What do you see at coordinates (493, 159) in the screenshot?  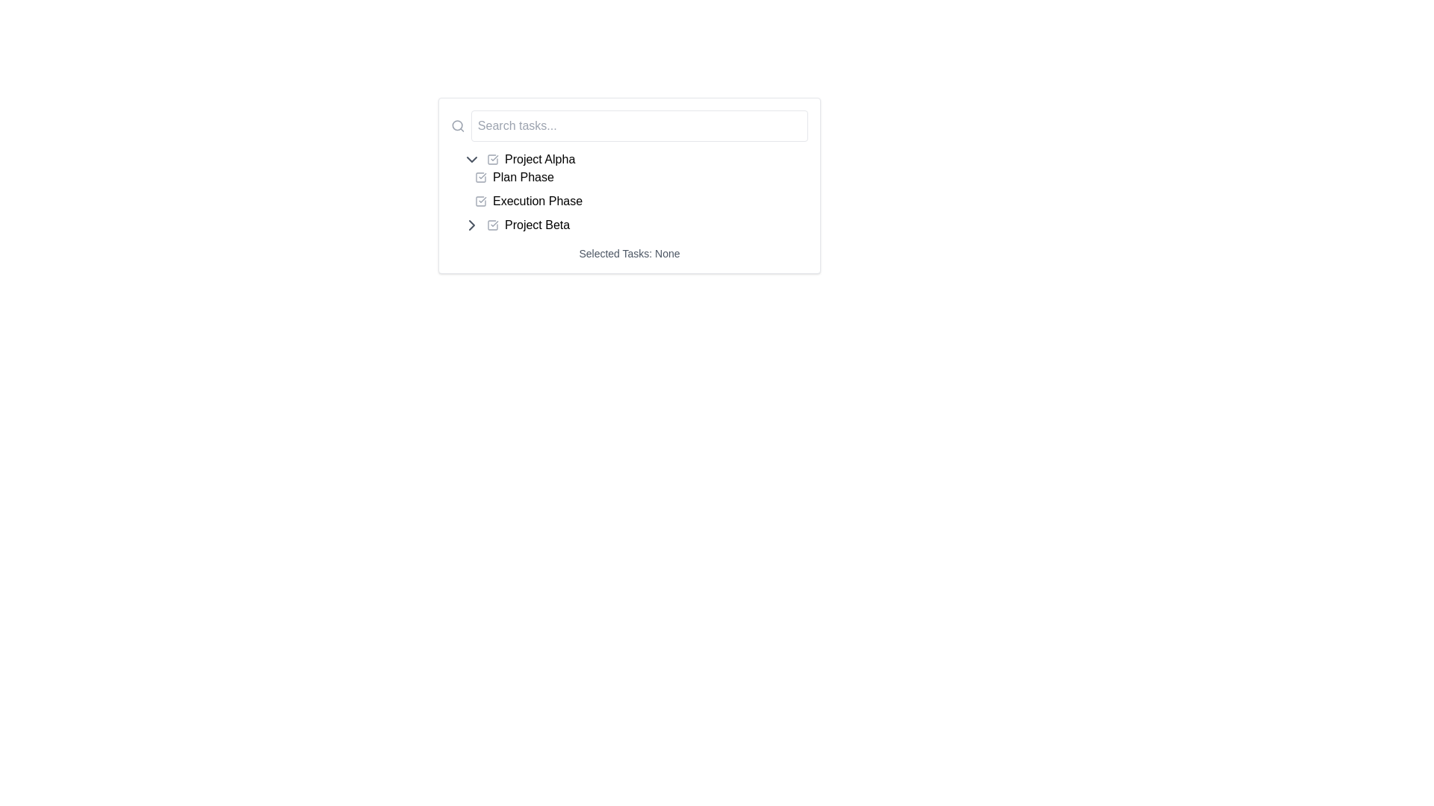 I see `properties of the rectangle-like shape that is part of the icon set, which resembles a geometric pattern` at bounding box center [493, 159].